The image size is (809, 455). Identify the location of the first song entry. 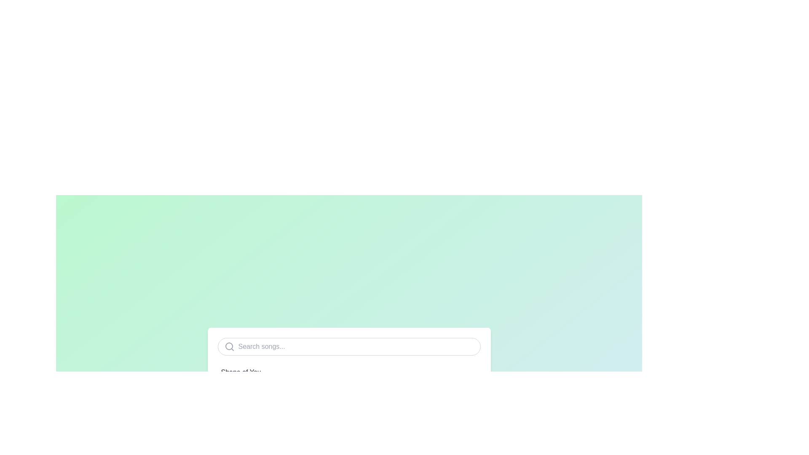
(349, 376).